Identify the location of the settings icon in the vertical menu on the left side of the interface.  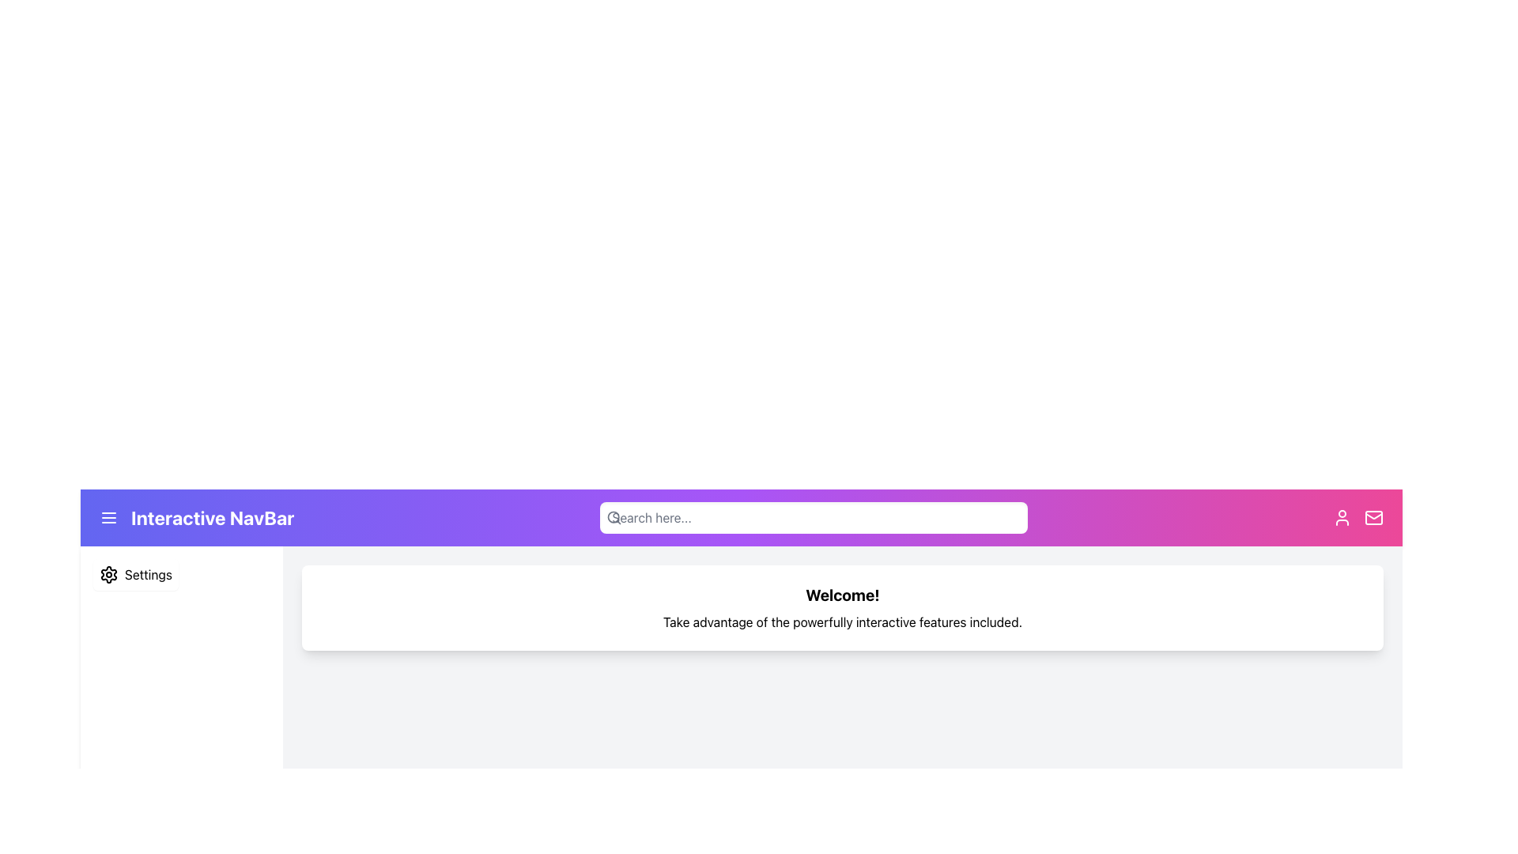
(108, 574).